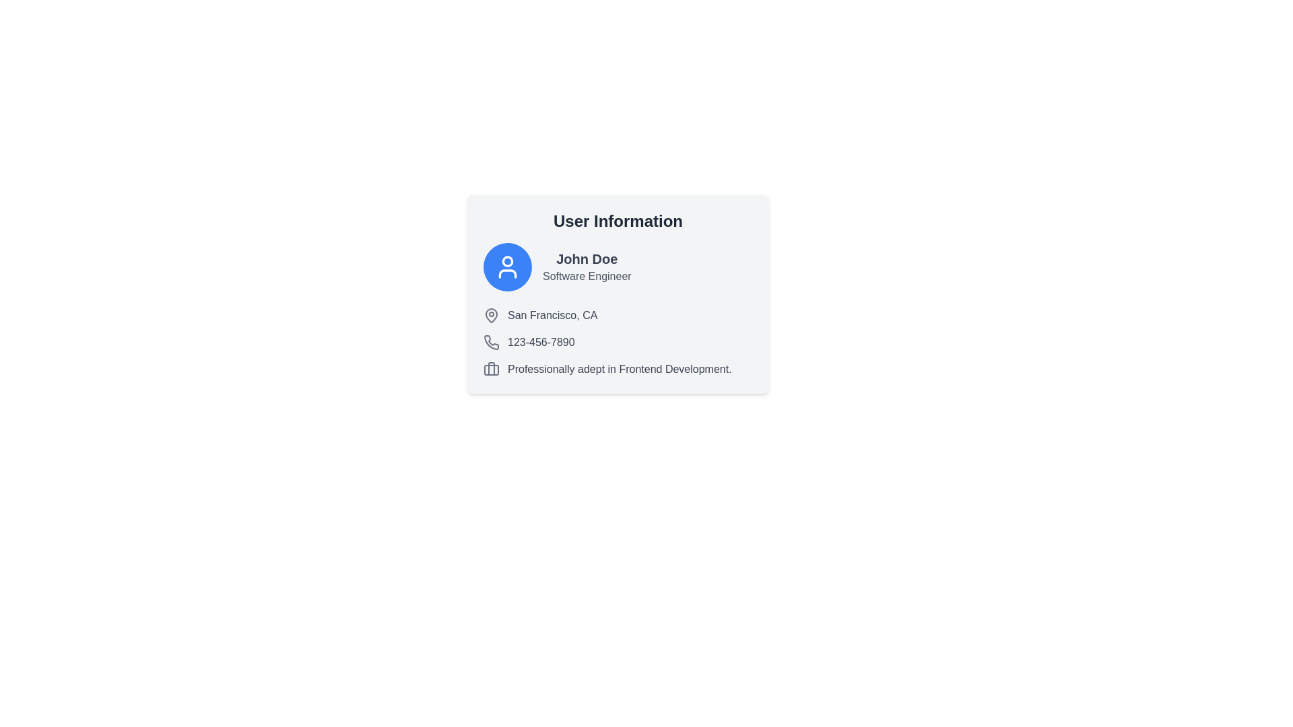 This screenshot has height=727, width=1293. What do you see at coordinates (490, 316) in the screenshot?
I see `the gray map pin icon located to the left of the text 'San Francisco, CA' in the card layout` at bounding box center [490, 316].